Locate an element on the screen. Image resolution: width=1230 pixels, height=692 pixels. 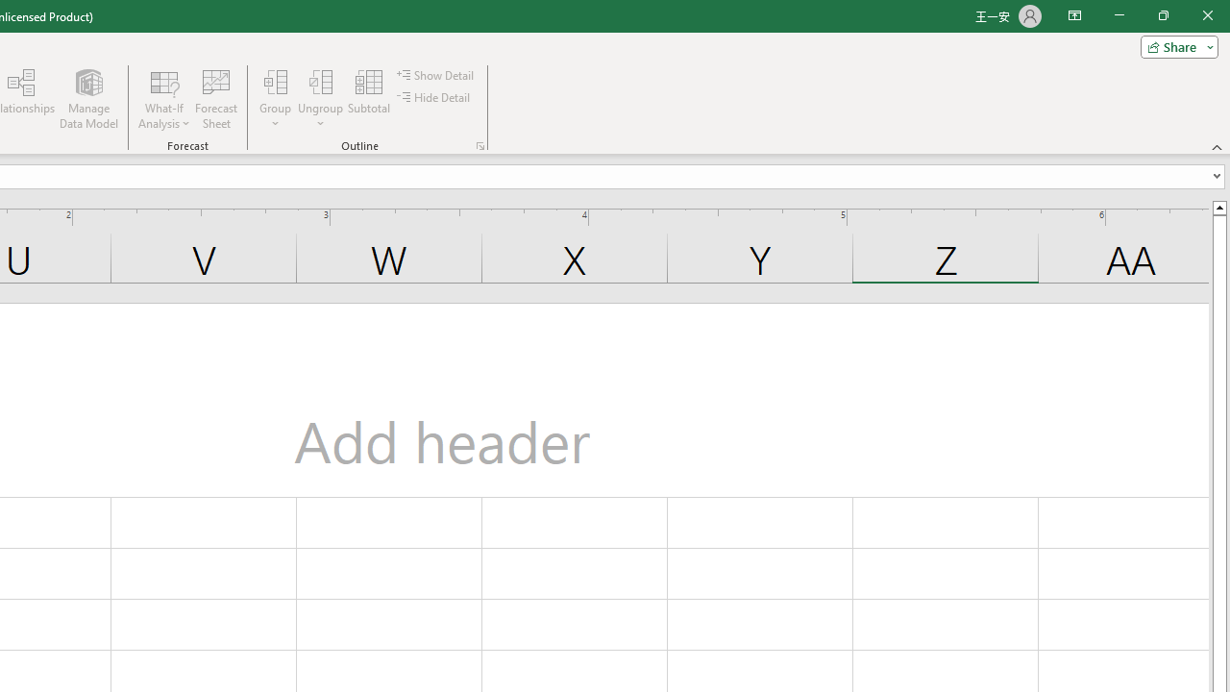
'Manage Data Model' is located at coordinates (87, 99).